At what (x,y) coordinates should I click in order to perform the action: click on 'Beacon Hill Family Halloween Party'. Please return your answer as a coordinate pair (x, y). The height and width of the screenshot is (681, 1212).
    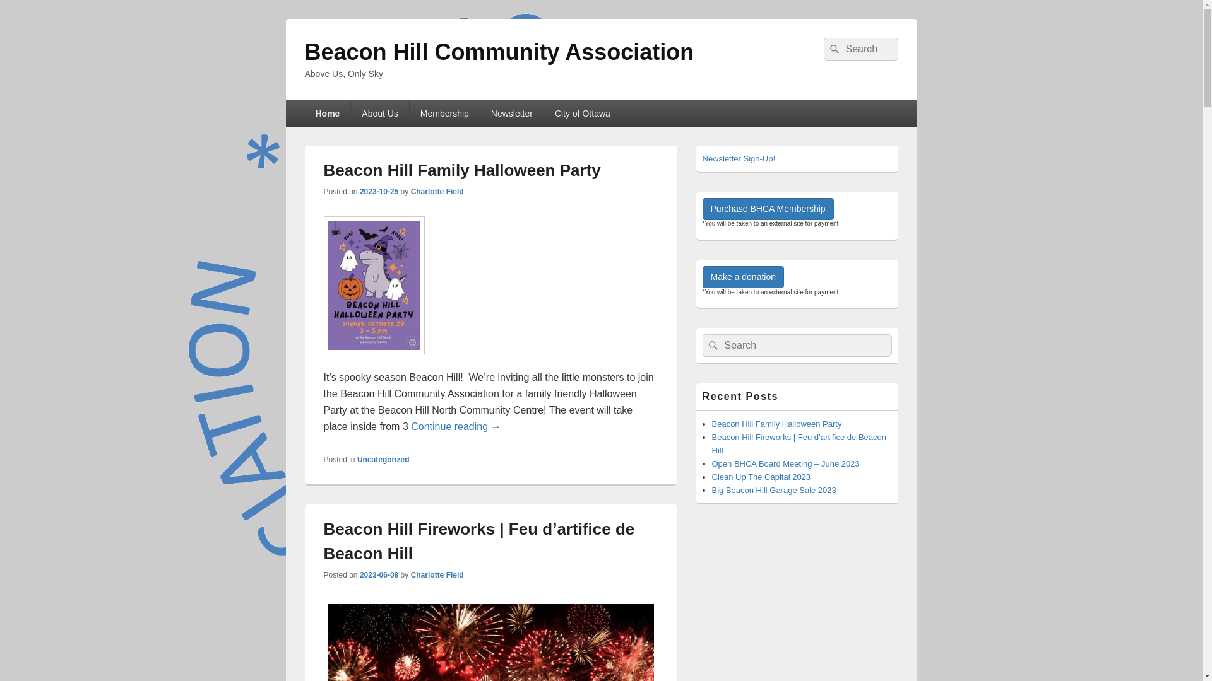
    Looking at the image, I should click on (776, 424).